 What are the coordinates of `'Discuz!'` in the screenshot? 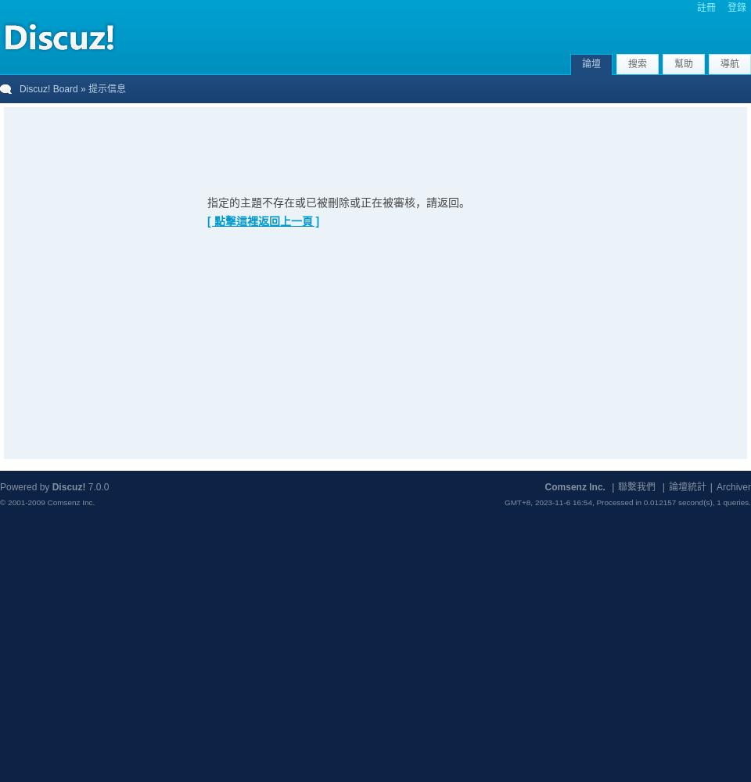 It's located at (68, 486).